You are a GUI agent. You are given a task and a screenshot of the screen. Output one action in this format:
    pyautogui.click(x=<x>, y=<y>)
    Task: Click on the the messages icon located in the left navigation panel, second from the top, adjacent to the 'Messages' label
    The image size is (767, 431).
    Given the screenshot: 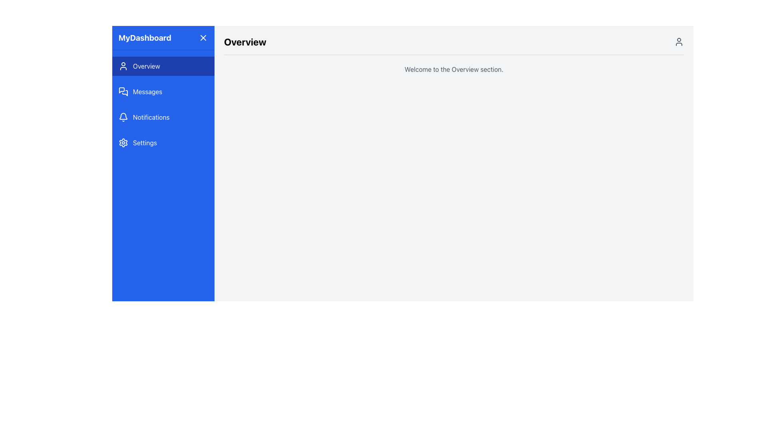 What is the action you would take?
    pyautogui.click(x=123, y=91)
    